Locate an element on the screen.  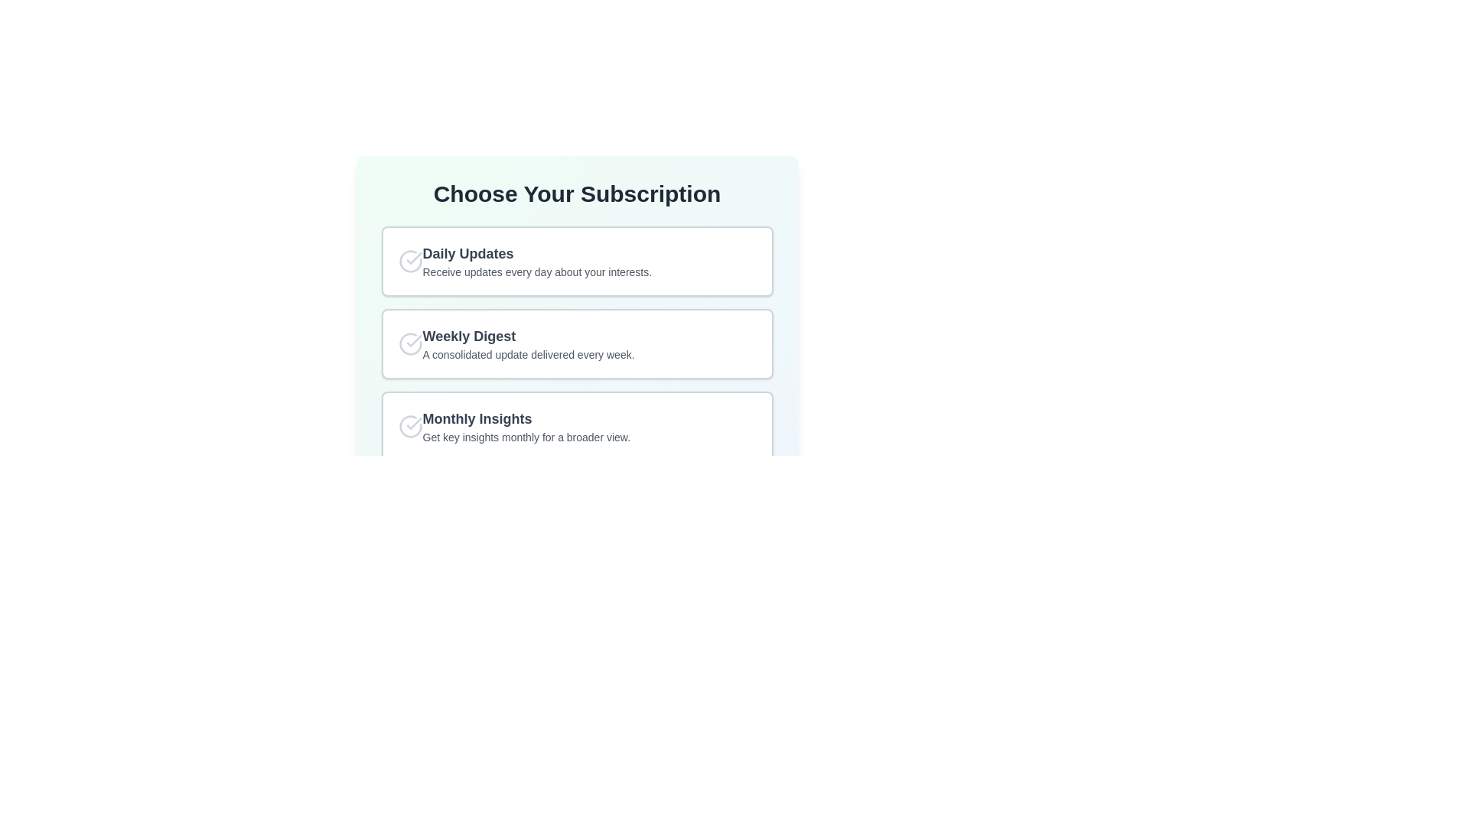
the checkmark-shaped icon next to the 'Daily Updates' label is located at coordinates (414, 258).